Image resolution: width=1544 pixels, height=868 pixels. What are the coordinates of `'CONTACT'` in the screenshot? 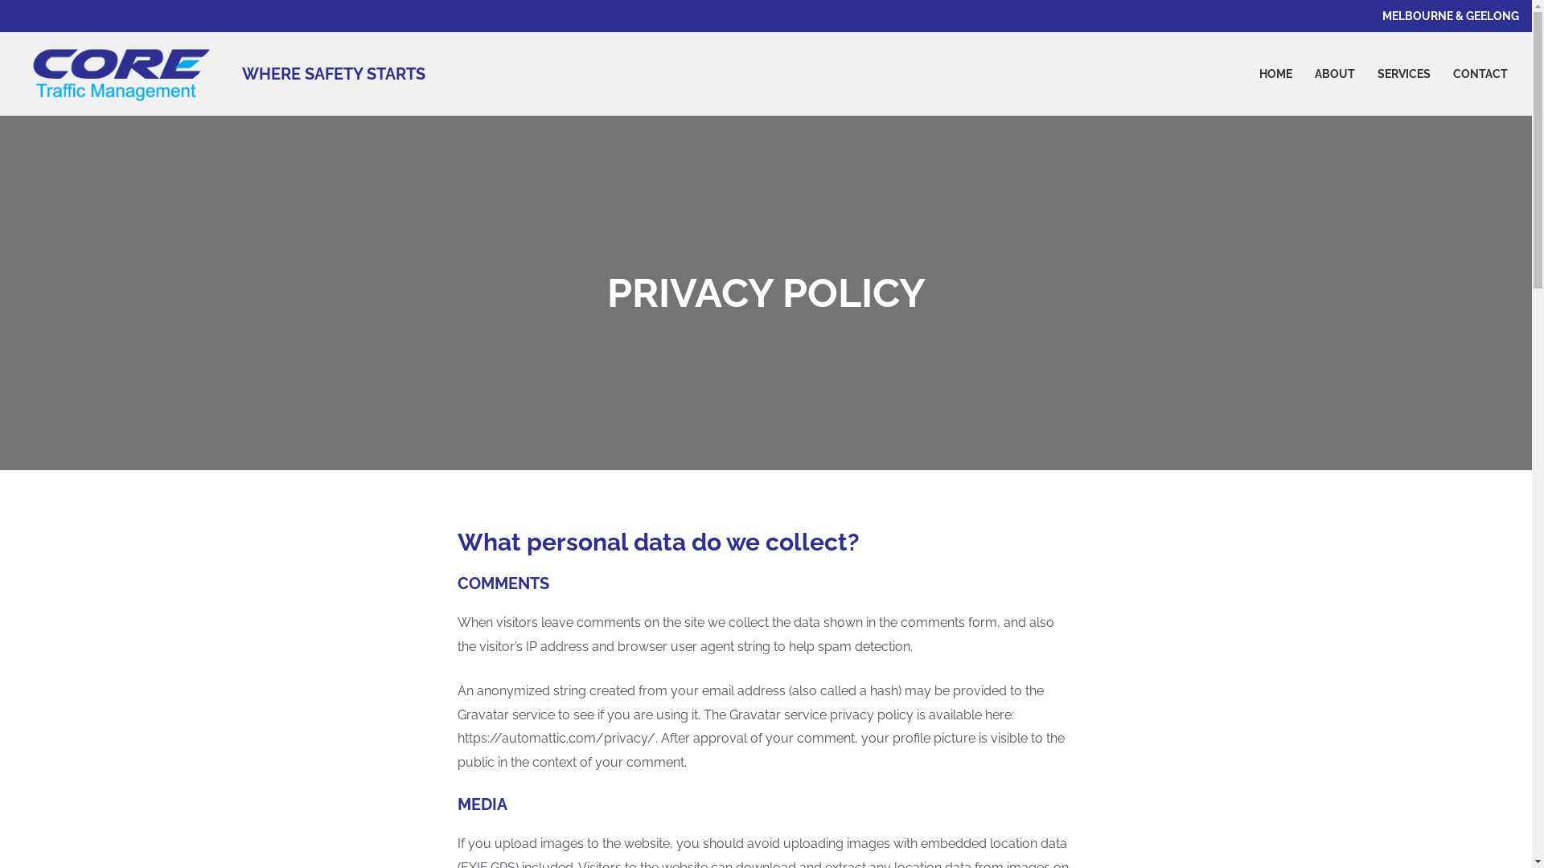 It's located at (1480, 74).